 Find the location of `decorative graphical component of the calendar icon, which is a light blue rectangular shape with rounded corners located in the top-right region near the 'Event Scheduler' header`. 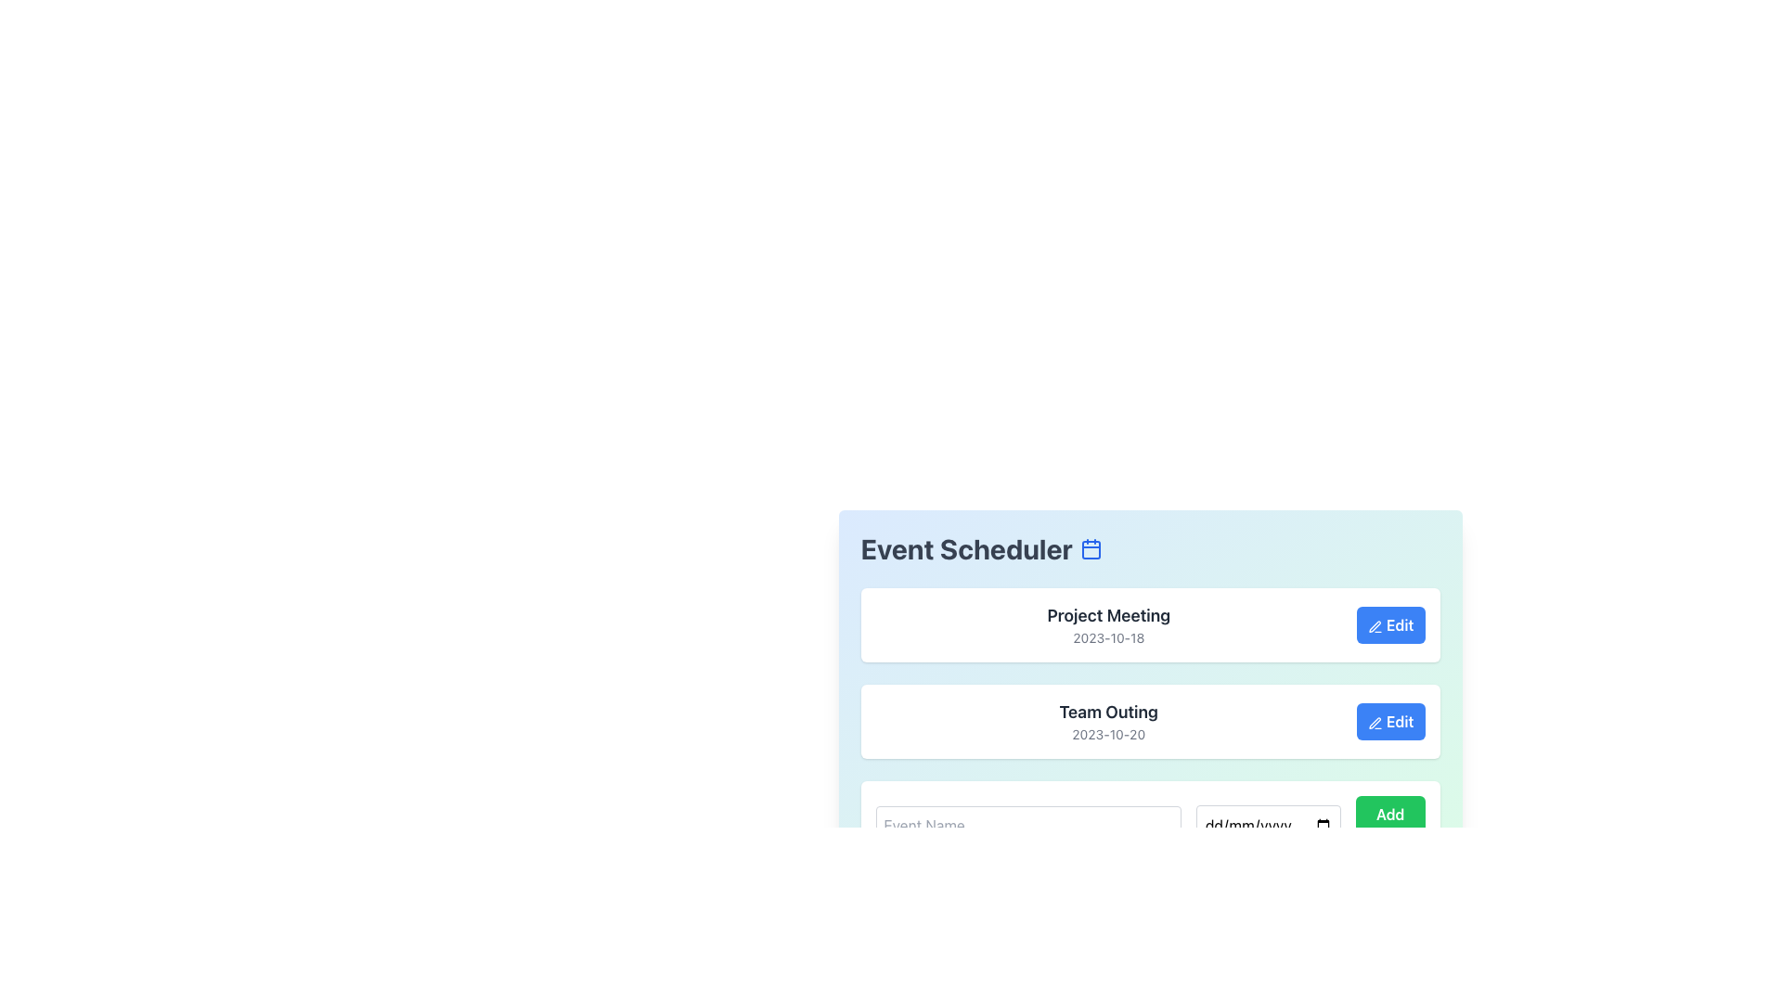

decorative graphical component of the calendar icon, which is a light blue rectangular shape with rounded corners located in the top-right region near the 'Event Scheduler' header is located at coordinates (1091, 549).